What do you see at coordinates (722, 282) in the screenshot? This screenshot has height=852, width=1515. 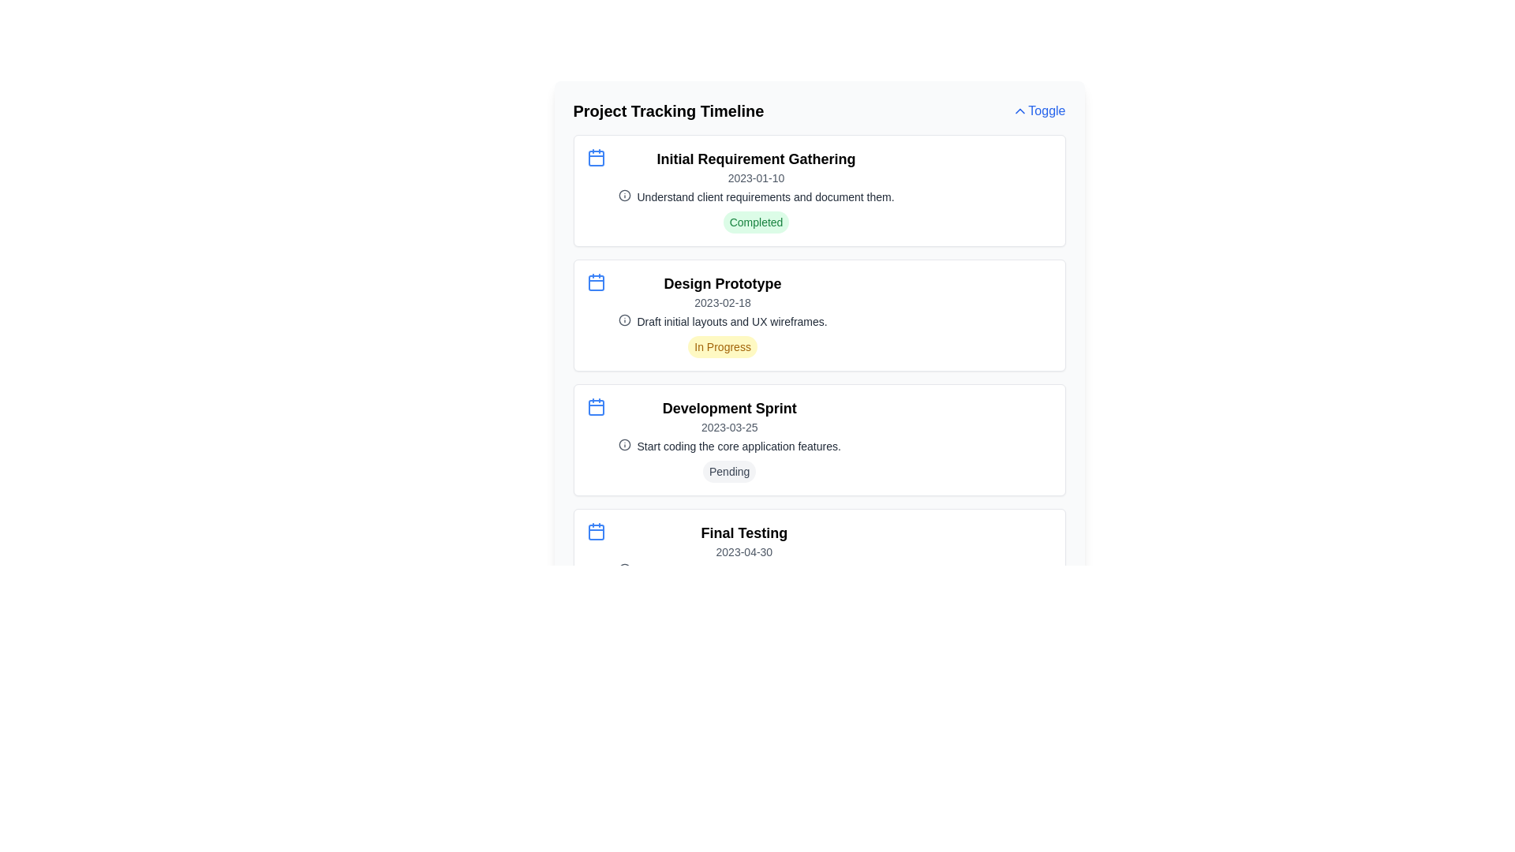 I see `the header label of the second task card in the project timeline view, which categorizes and summarizes the content beneath it` at bounding box center [722, 282].